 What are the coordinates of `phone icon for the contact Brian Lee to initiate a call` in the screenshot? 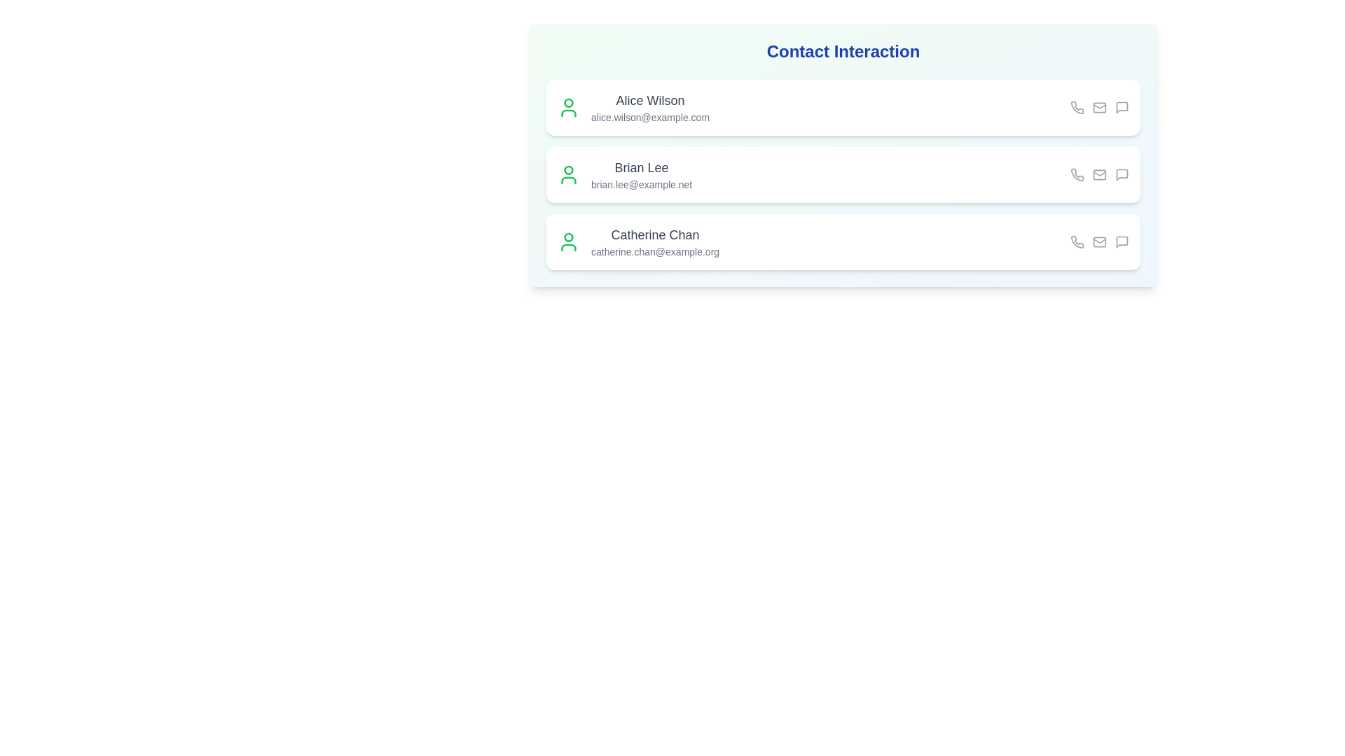 It's located at (1076, 174).